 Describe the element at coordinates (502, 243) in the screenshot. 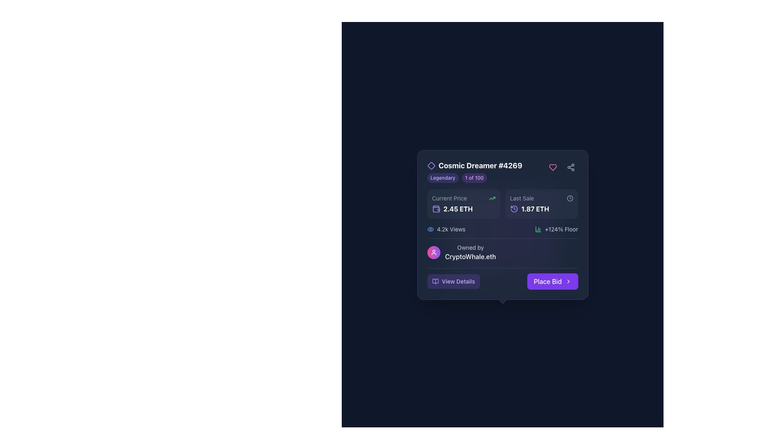

I see `the Informational Display that shows '4.2k Views', '+124% Floor', and 'Owned by CryptoWhale.eth', located centrally under the price information and above the action buttons` at that location.